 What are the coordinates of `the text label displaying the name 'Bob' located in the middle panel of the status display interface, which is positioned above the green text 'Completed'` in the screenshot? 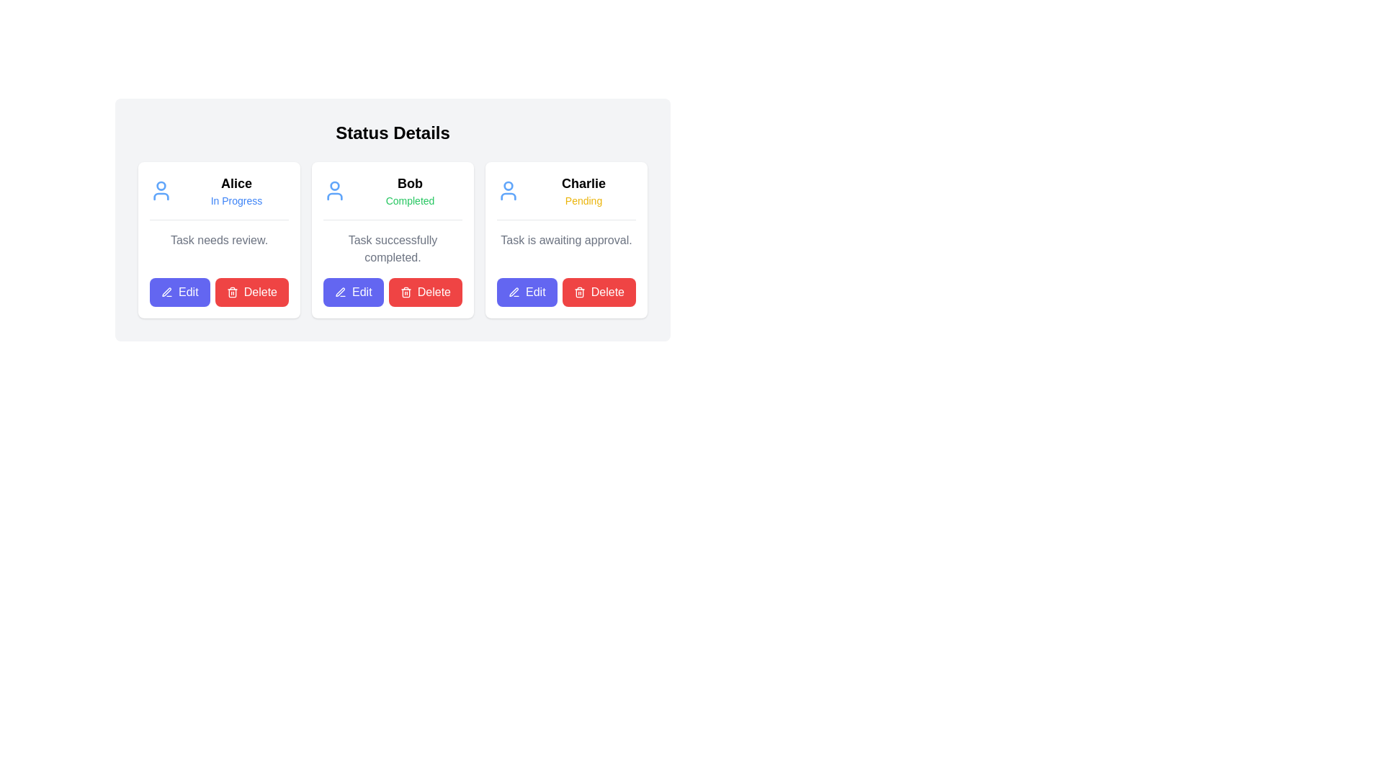 It's located at (409, 182).